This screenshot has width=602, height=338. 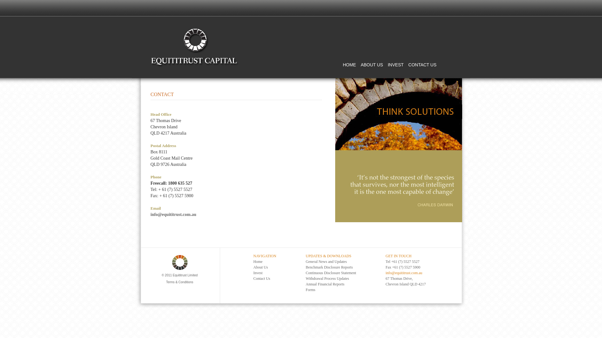 I want to click on 'Home', so click(x=258, y=262).